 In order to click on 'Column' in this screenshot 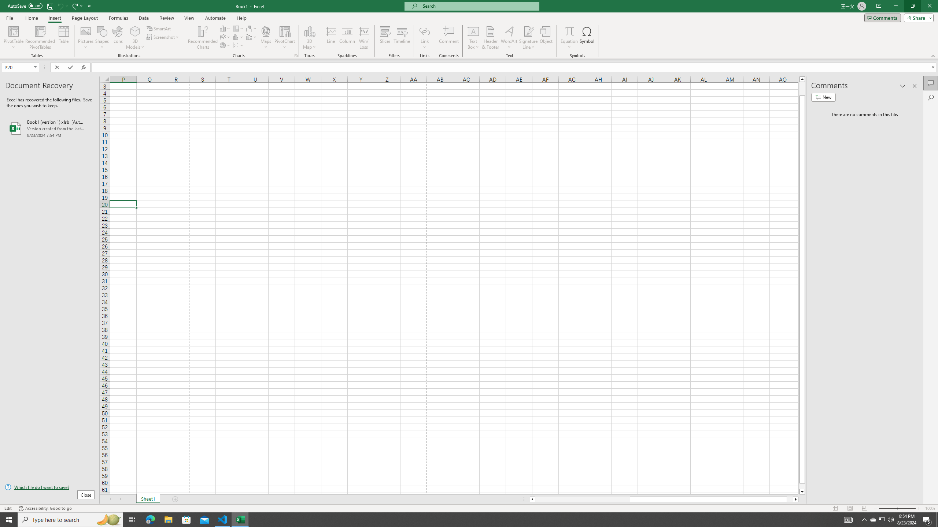, I will do `click(347, 38)`.